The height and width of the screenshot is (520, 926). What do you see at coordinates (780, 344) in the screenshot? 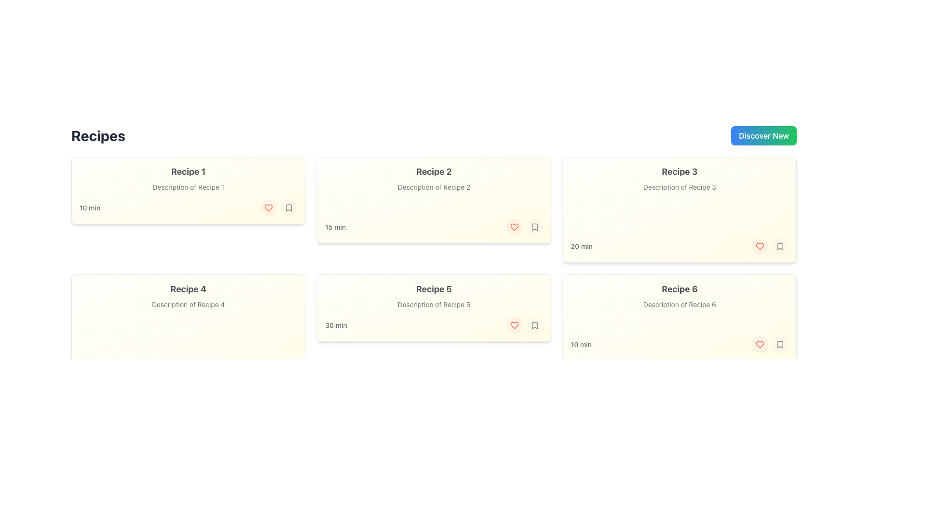
I see `the bookmark icon located in the 'Recipe 6' card` at bounding box center [780, 344].